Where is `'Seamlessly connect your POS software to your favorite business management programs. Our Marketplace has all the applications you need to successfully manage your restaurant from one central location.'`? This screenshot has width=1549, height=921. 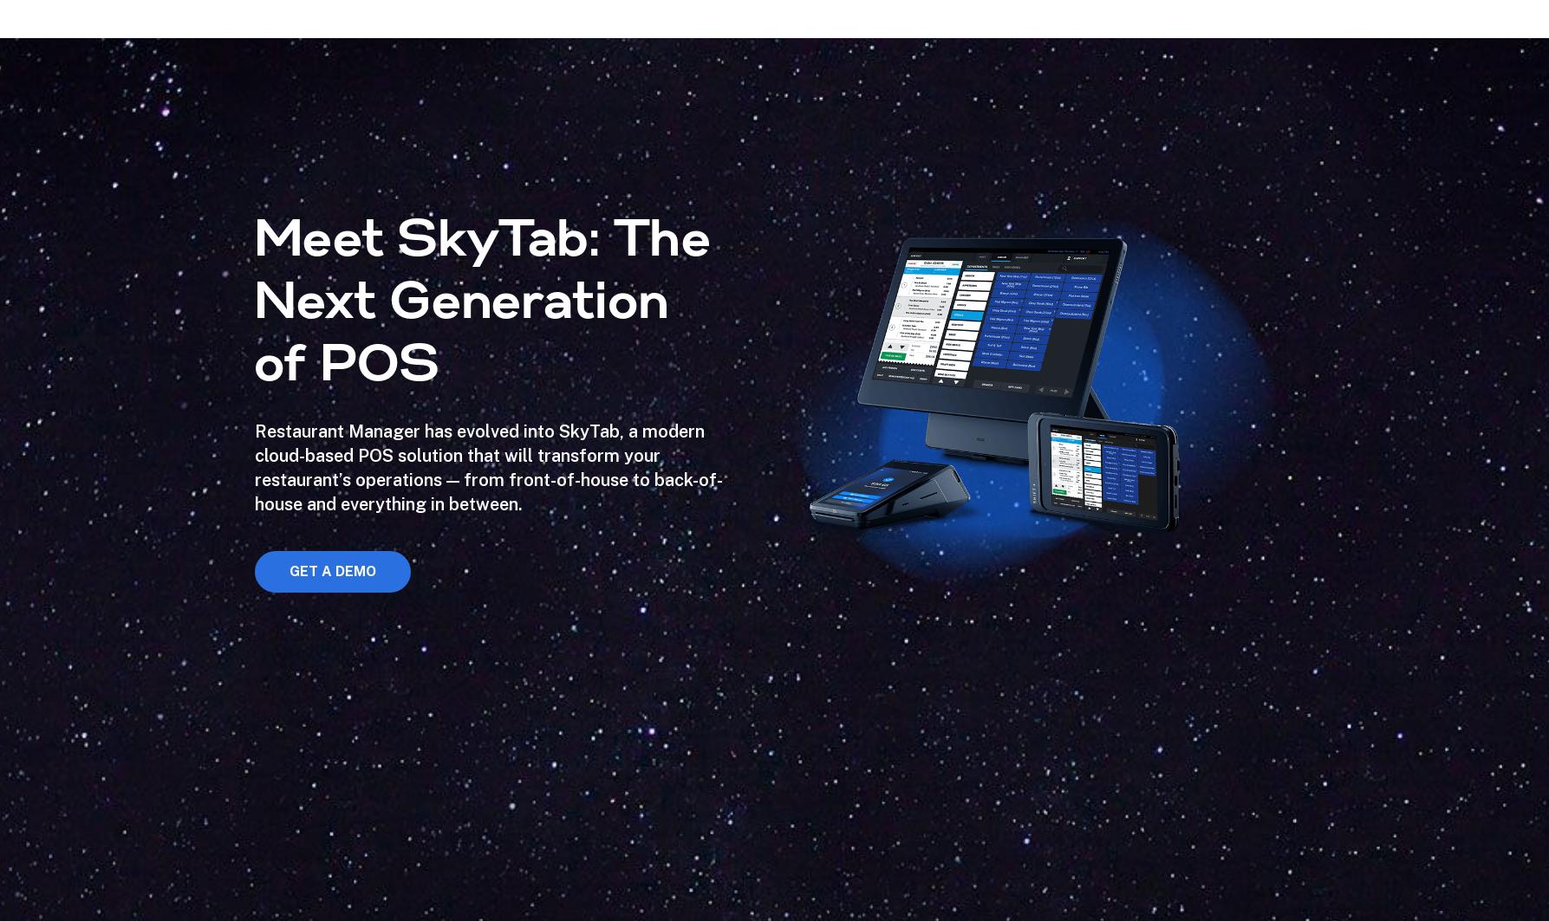 'Seamlessly connect your POS software to your favorite business management programs. Our Marketplace has all the applications you need to successfully manage your restaurant from one central location.' is located at coordinates (1105, 47).